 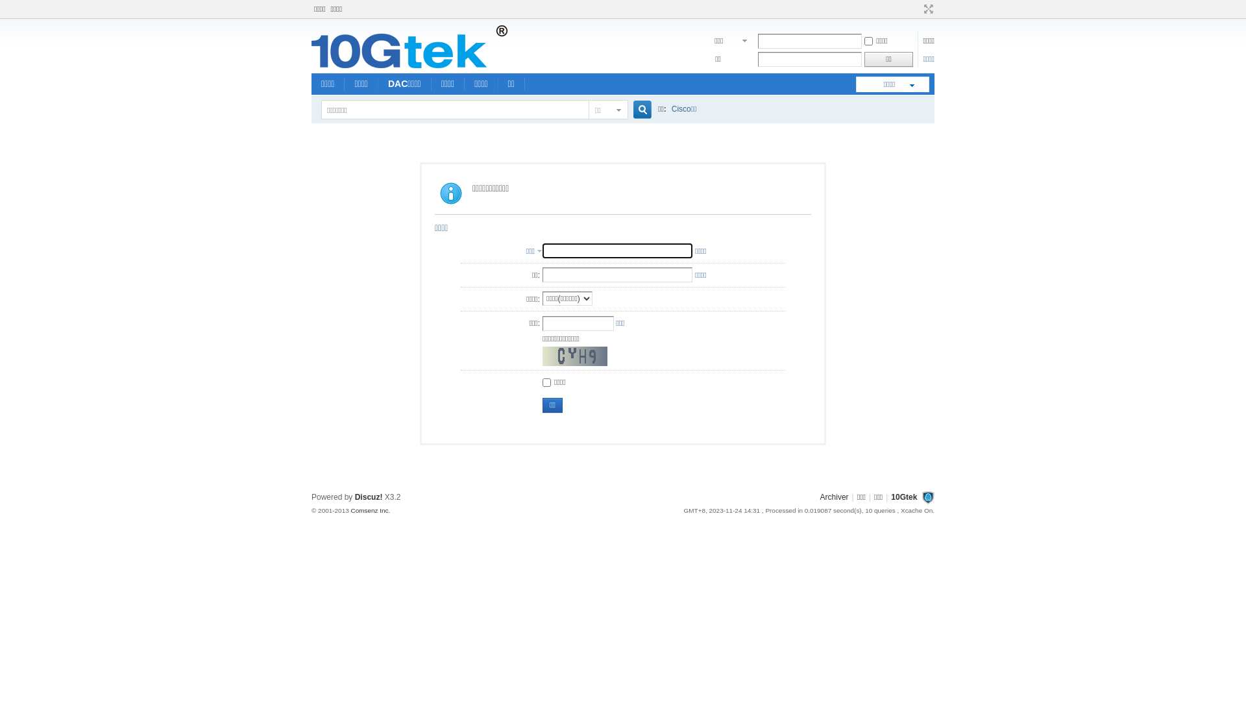 What do you see at coordinates (408, 65) in the screenshot?
I see `'10Gtek'` at bounding box center [408, 65].